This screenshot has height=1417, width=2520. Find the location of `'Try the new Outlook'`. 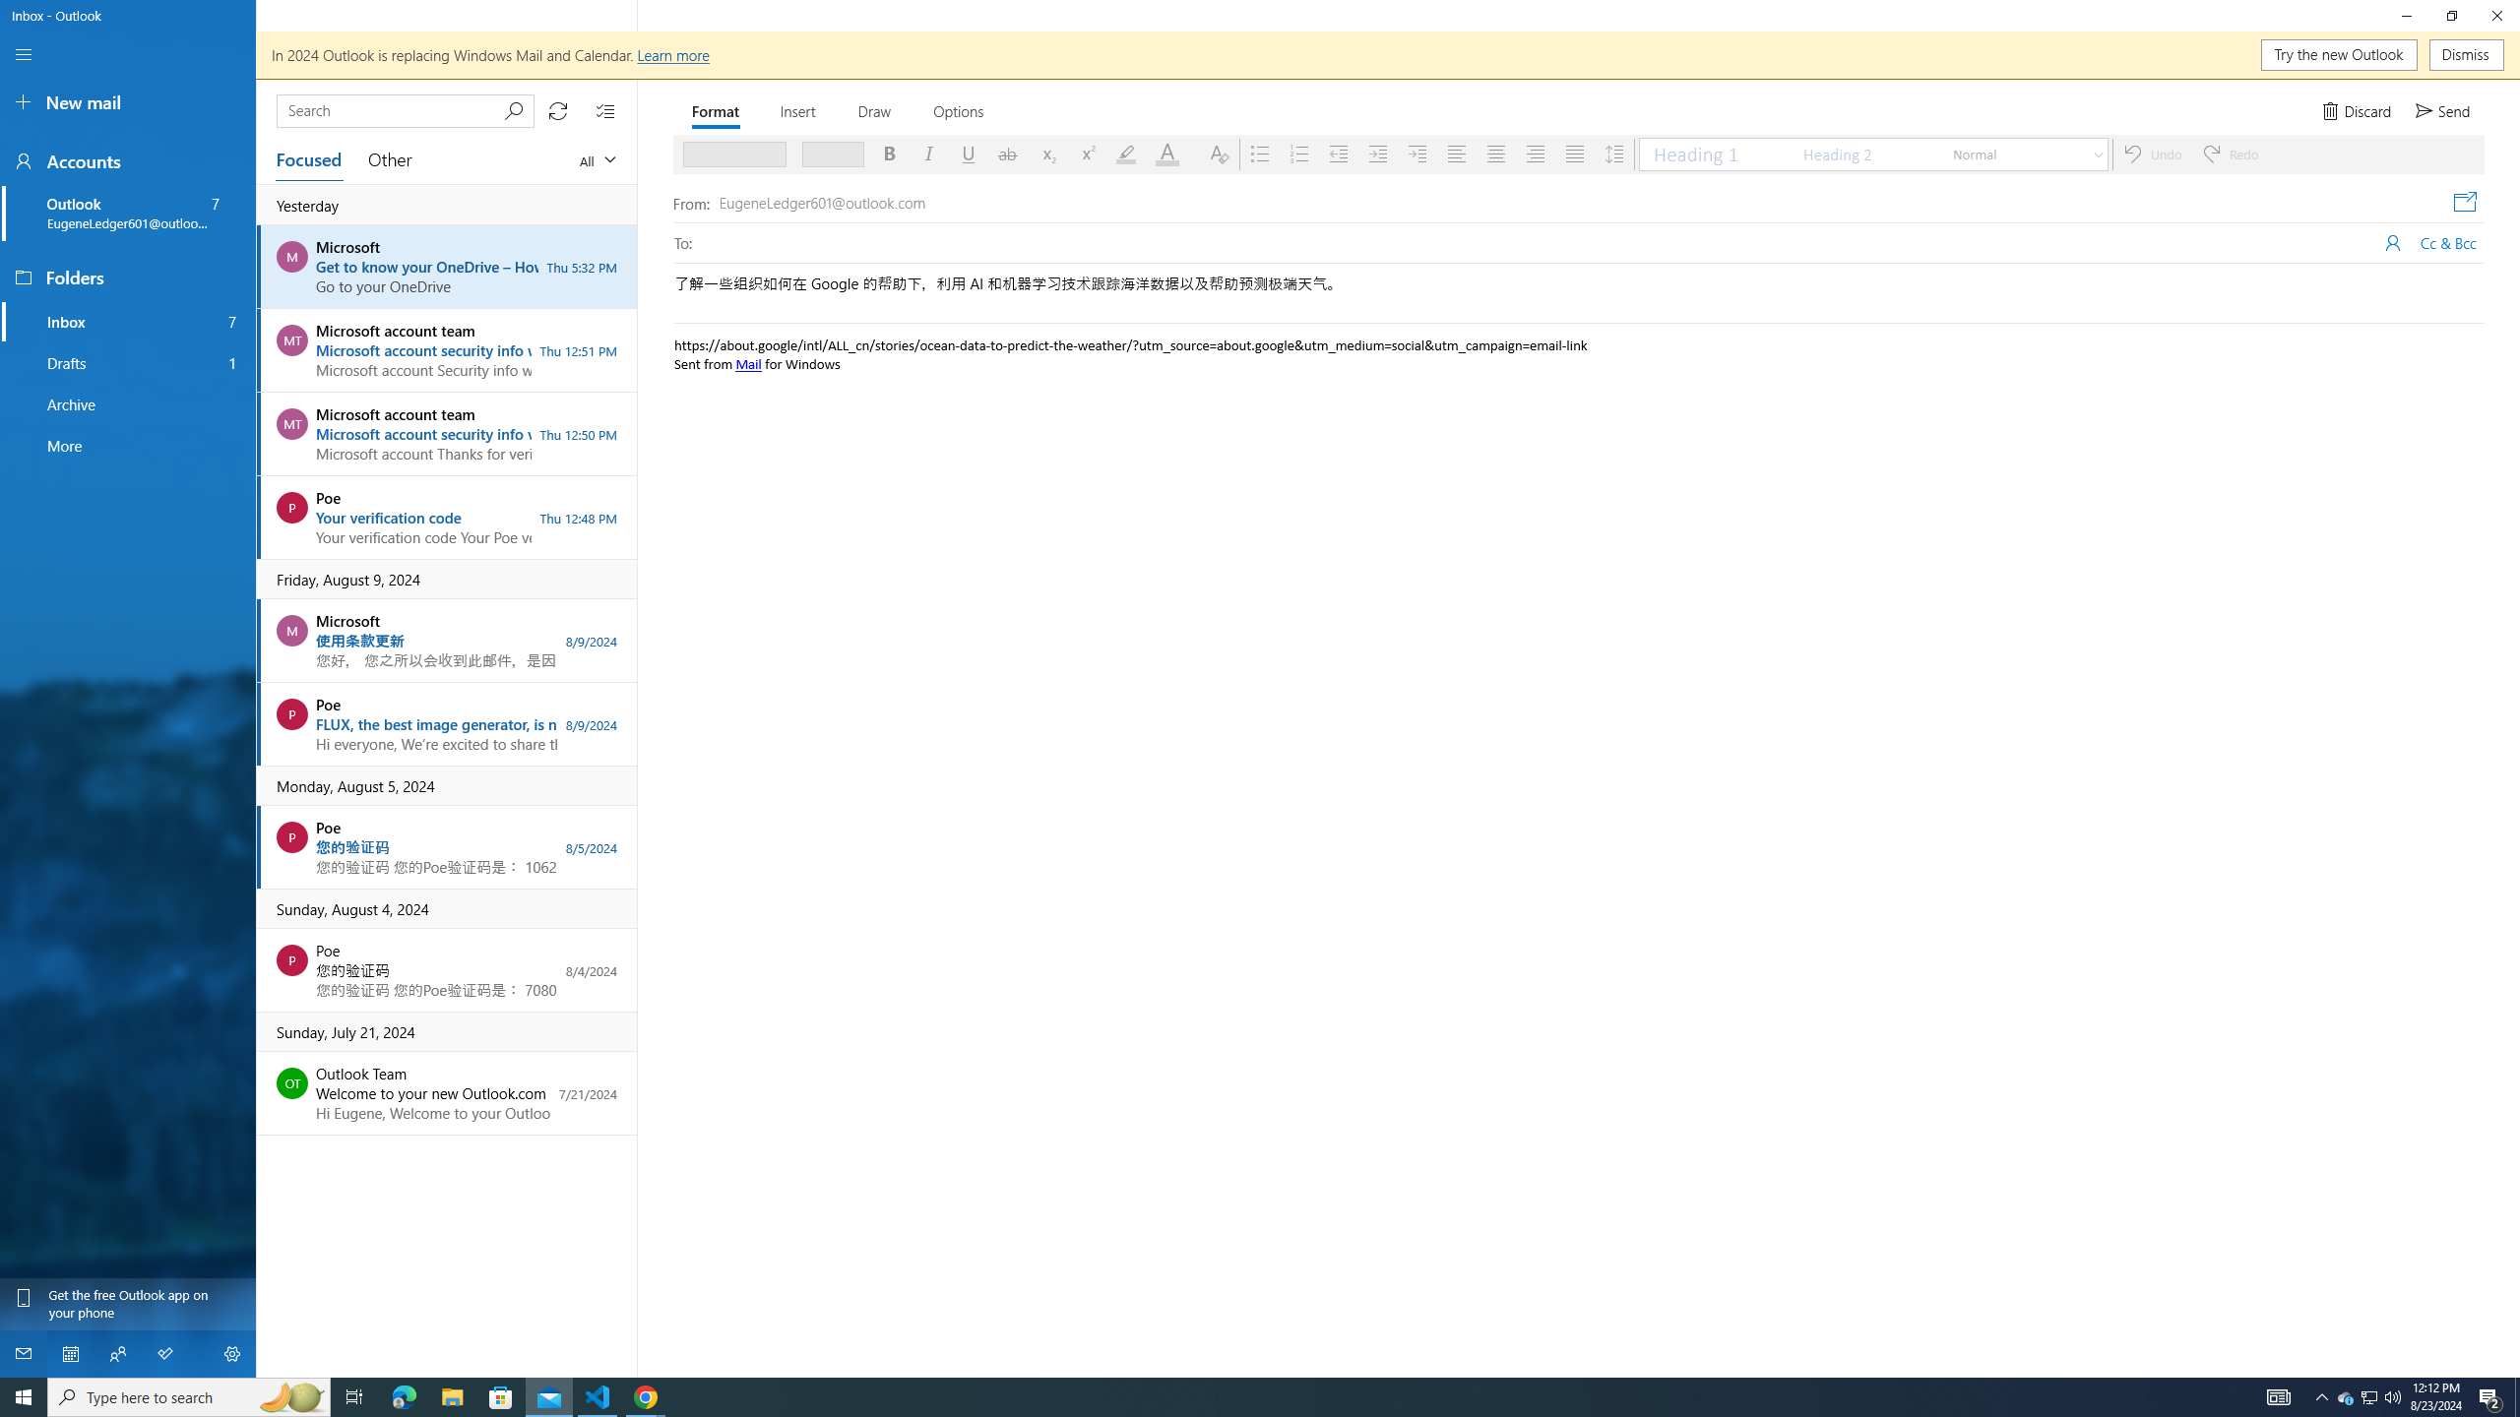

'Try the new Outlook' is located at coordinates (2337, 54).